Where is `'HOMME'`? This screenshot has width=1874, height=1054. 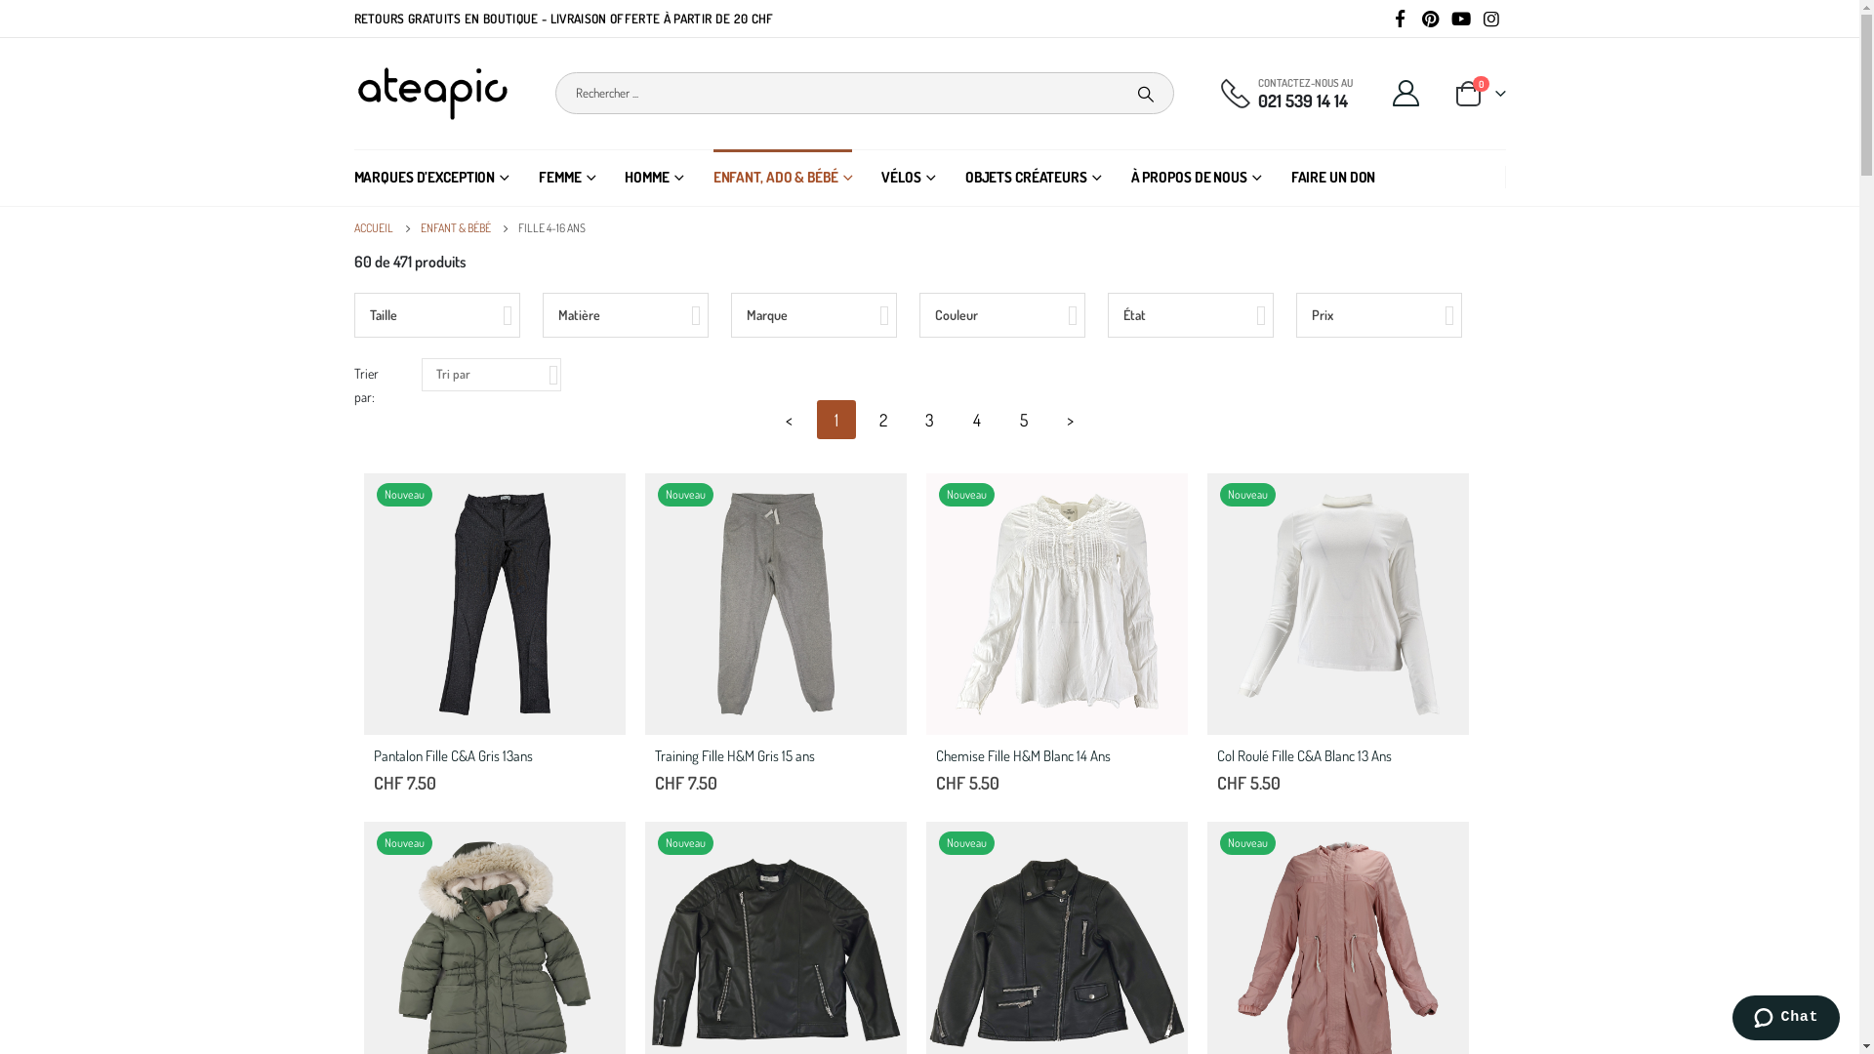 'HOMME' is located at coordinates (654, 177).